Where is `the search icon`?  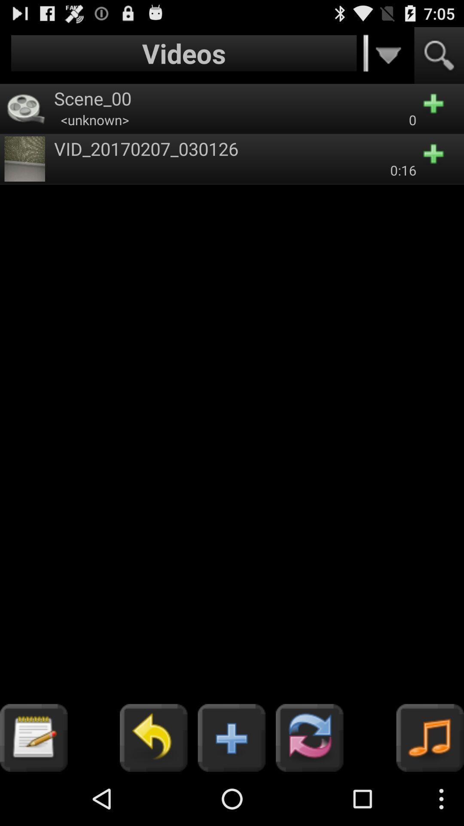 the search icon is located at coordinates (439, 59).